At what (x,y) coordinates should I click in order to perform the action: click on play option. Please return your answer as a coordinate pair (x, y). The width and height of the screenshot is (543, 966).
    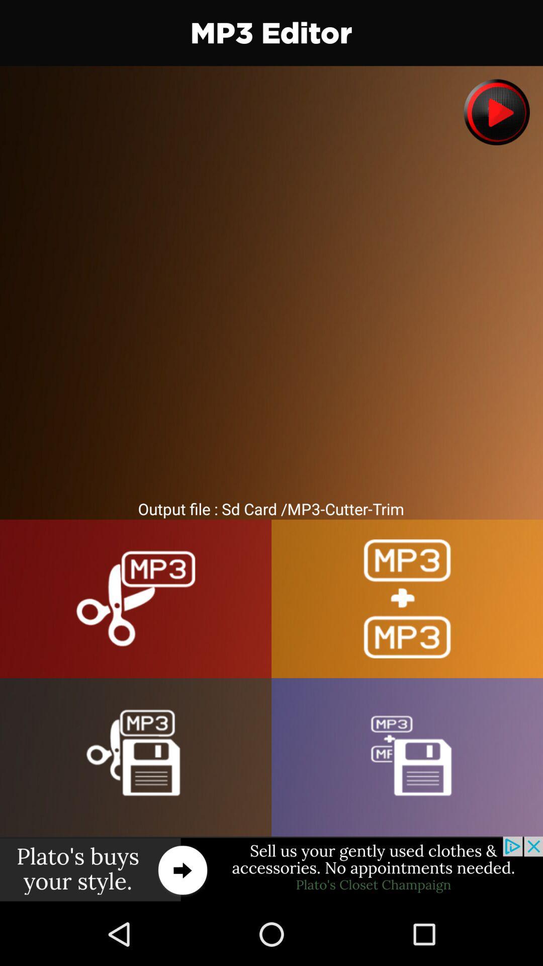
    Looking at the image, I should click on (496, 112).